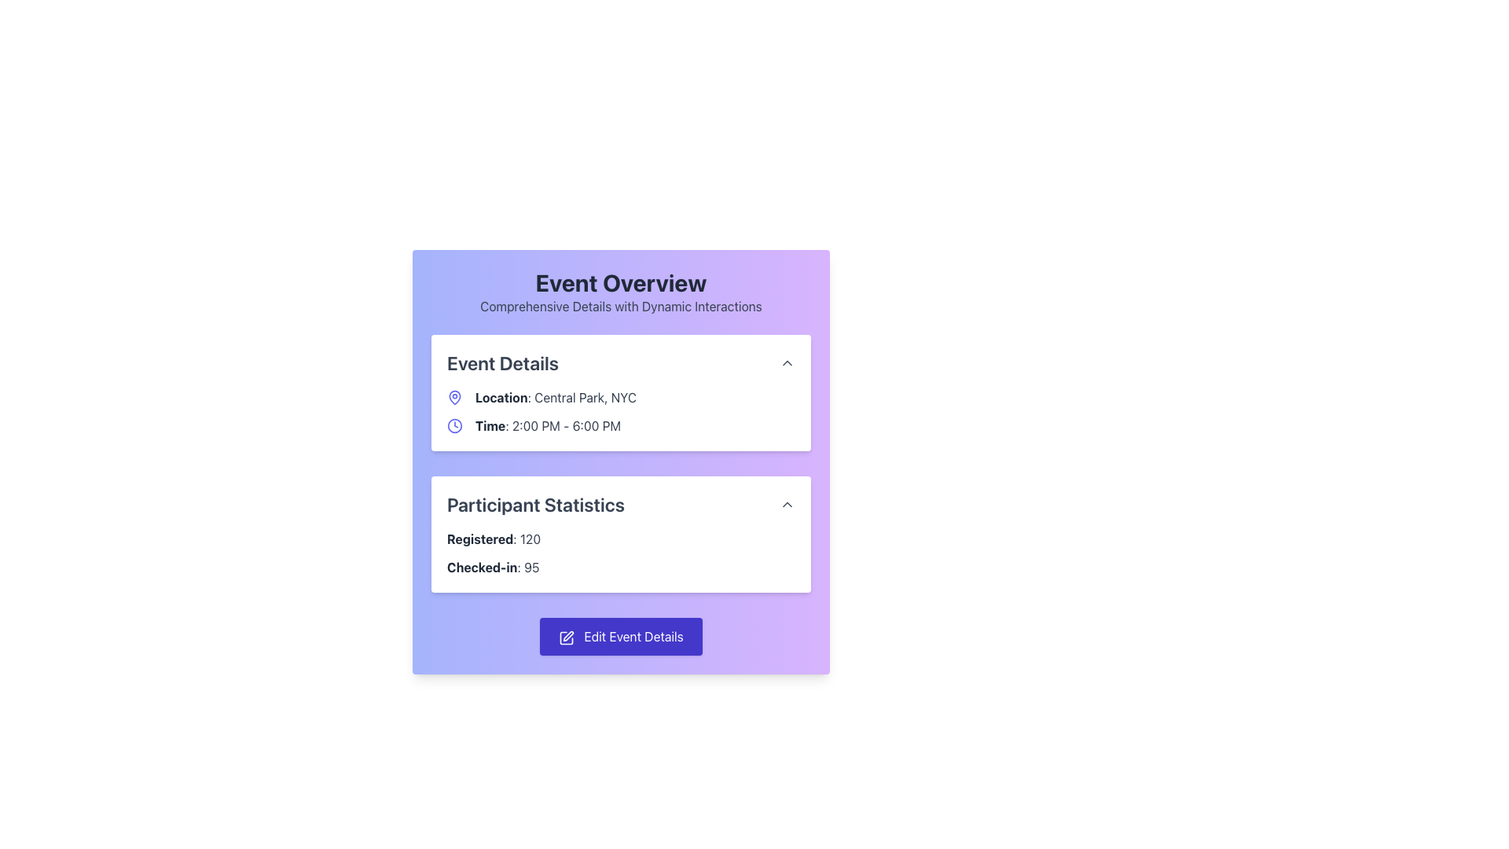 This screenshot has width=1509, height=849. Describe the element at coordinates (492, 567) in the screenshot. I see `static text element displaying 'Checked-in: 95' located in the 'Participant Statistics' section, which is positioned under 'Registered: 120'` at that location.